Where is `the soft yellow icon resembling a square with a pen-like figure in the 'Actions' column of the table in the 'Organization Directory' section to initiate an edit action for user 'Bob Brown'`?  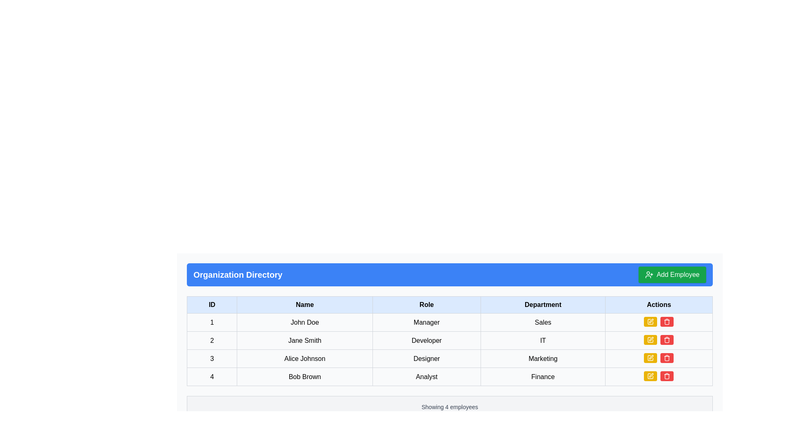 the soft yellow icon resembling a square with a pen-like figure in the 'Actions' column of the table in the 'Organization Directory' section to initiate an edit action for user 'Bob Brown' is located at coordinates (650, 376).